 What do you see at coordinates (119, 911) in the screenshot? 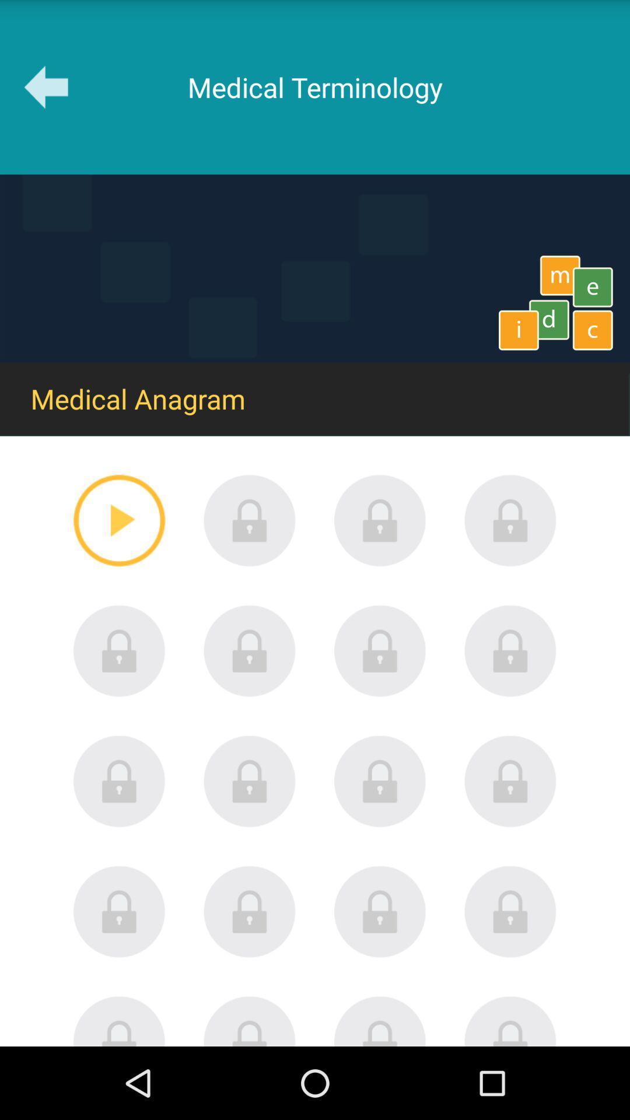
I see `lock` at bounding box center [119, 911].